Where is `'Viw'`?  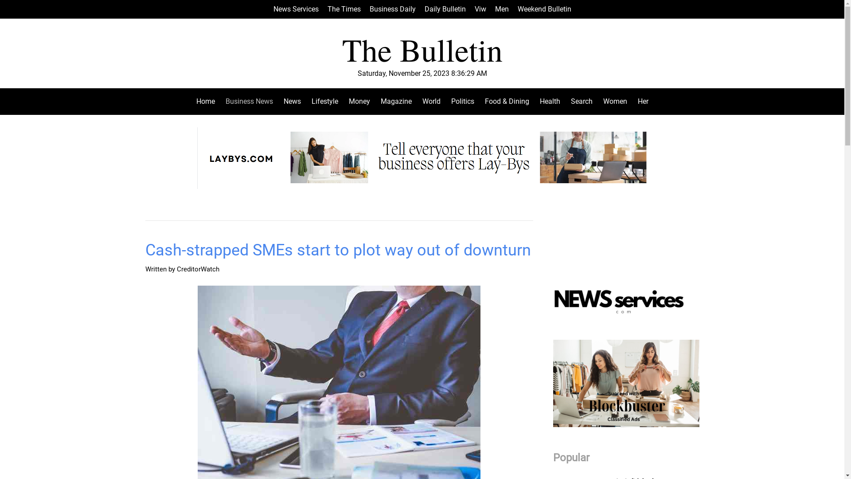
'Viw' is located at coordinates (474, 9).